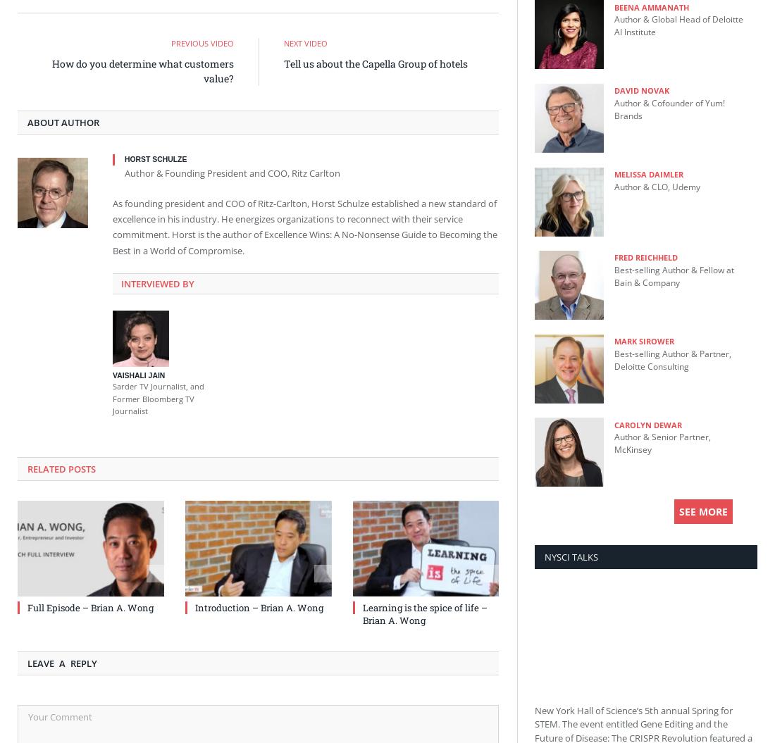  What do you see at coordinates (158, 397) in the screenshot?
I see `'Sarder TV Journalist, and Former Bloomberg TV Journalist'` at bounding box center [158, 397].